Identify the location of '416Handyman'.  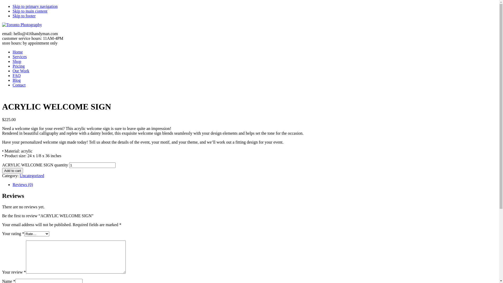
(21, 25).